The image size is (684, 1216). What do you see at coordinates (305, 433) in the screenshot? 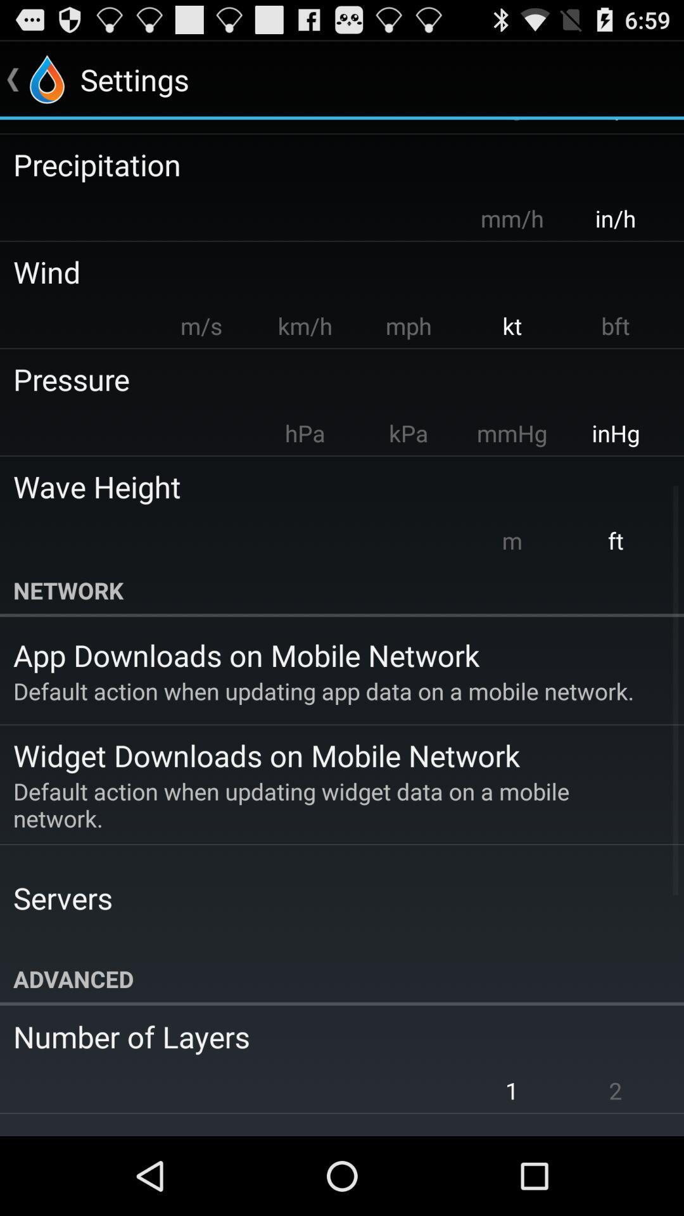
I see `the hpa icon` at bounding box center [305, 433].